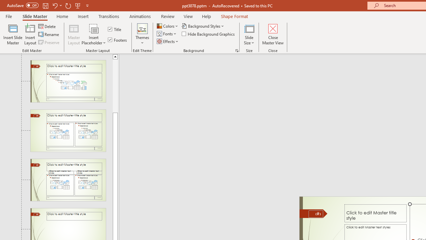  What do you see at coordinates (49, 42) in the screenshot?
I see `'Preserve'` at bounding box center [49, 42].